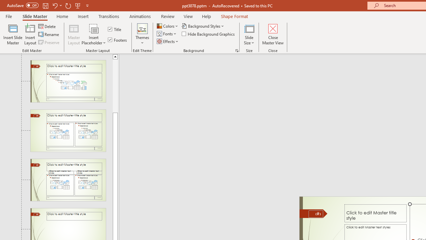  What do you see at coordinates (49, 42) in the screenshot?
I see `'Preserve'` at bounding box center [49, 42].